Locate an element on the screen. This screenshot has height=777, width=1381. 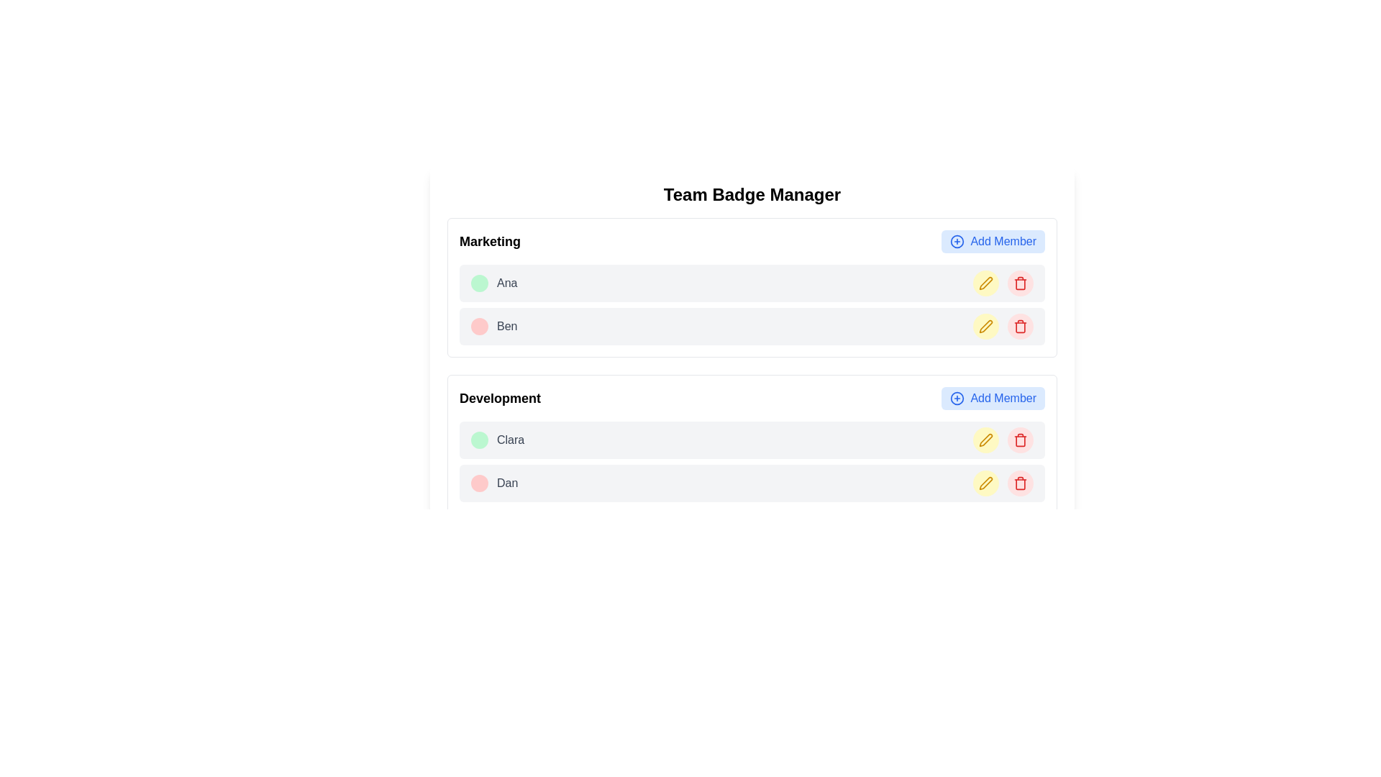
text label displaying 'Clara' located in the 'Development' section, positioned right of the green 'Active' badge is located at coordinates (511, 440).